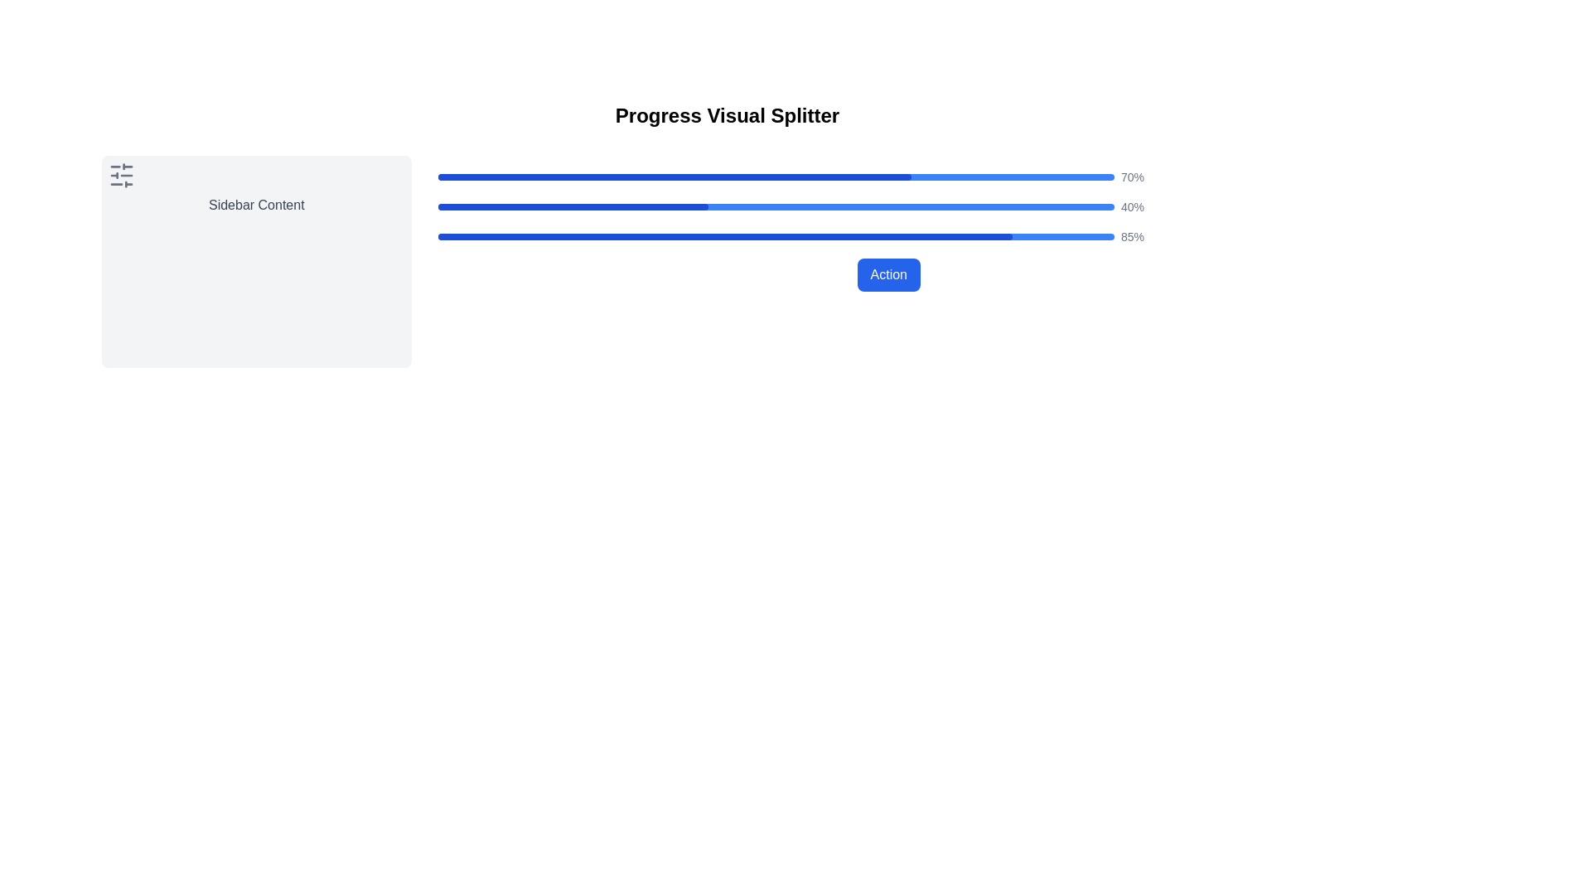 This screenshot has width=1591, height=895. What do you see at coordinates (887, 177) in the screenshot?
I see `the topmost progress bar located in the central right portion of the interface, which visually represents progress with a percentage displayed next to it` at bounding box center [887, 177].